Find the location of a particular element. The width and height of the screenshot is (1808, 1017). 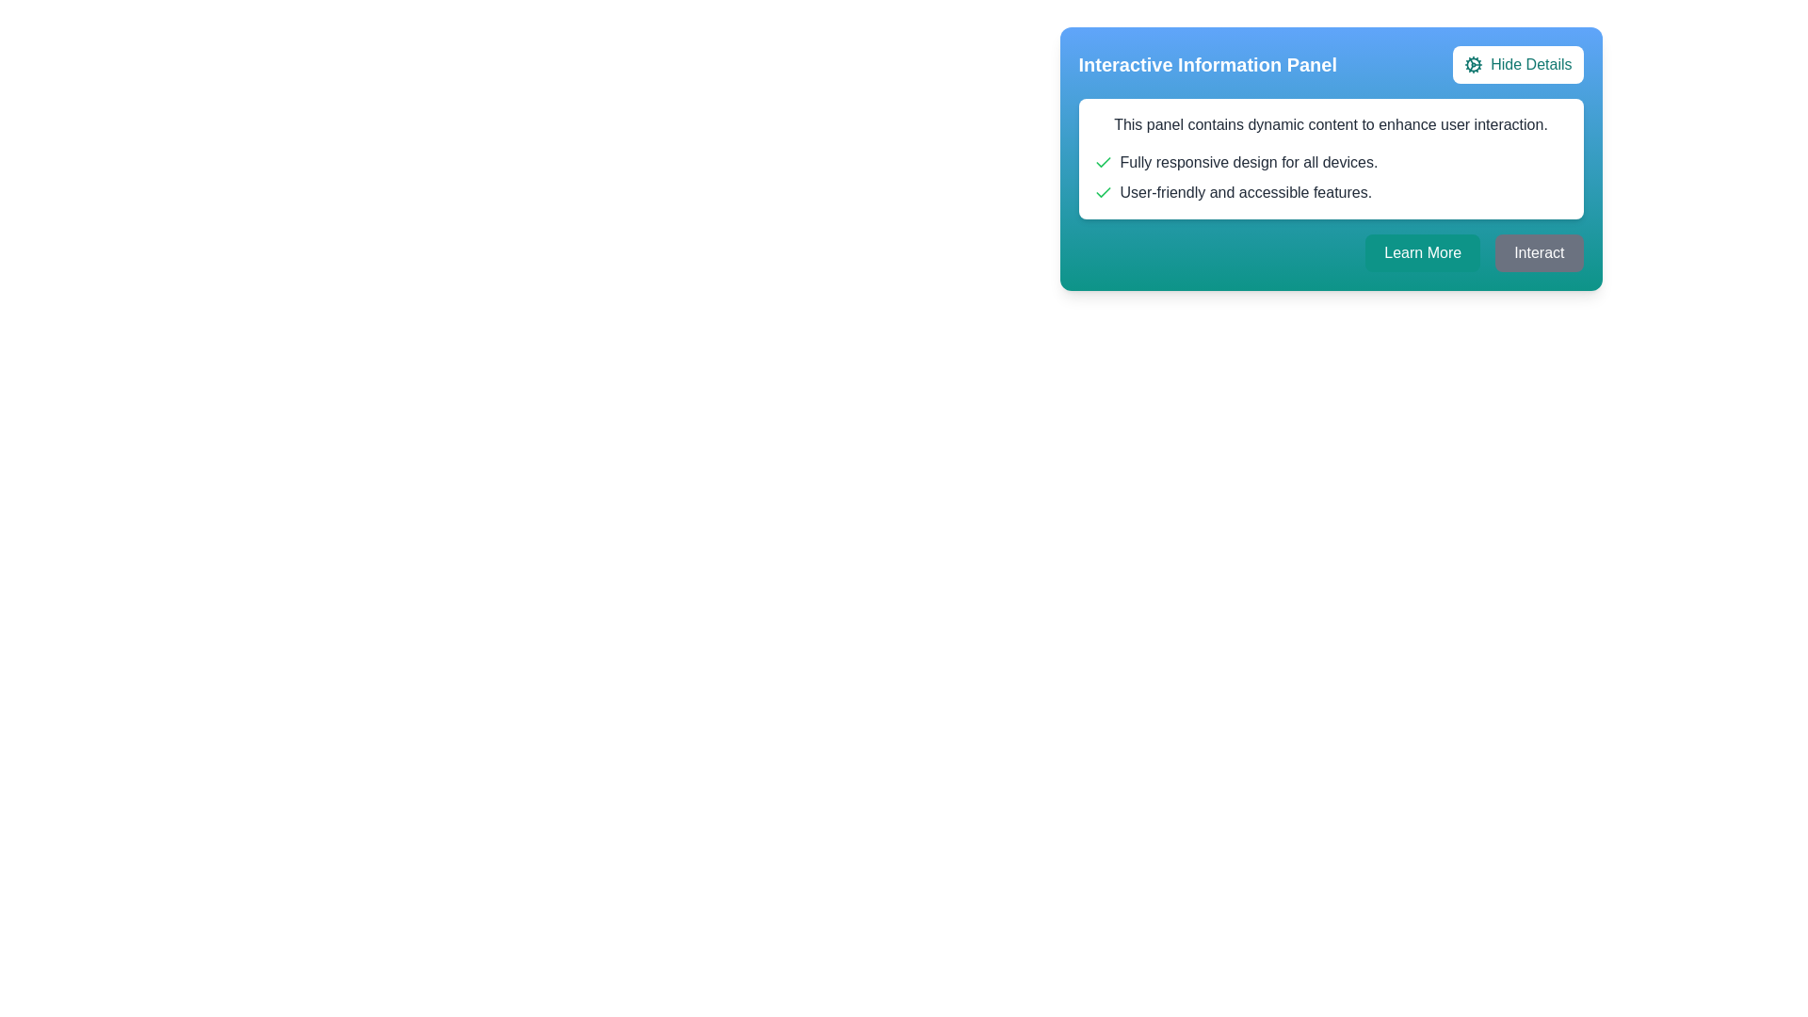

the 'Learn More' button with rounded corners and a teal background is located at coordinates (1423, 252).